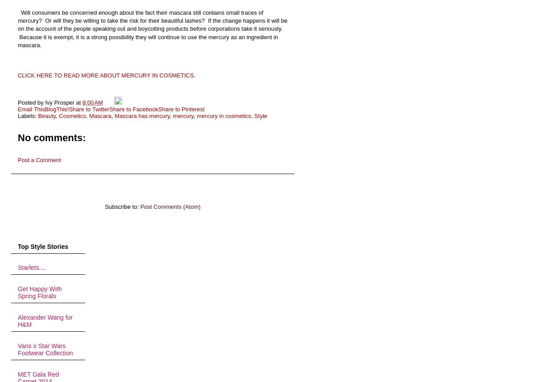 Image resolution: width=538 pixels, height=382 pixels. I want to click on 'mercury in cosmetics', so click(196, 115).